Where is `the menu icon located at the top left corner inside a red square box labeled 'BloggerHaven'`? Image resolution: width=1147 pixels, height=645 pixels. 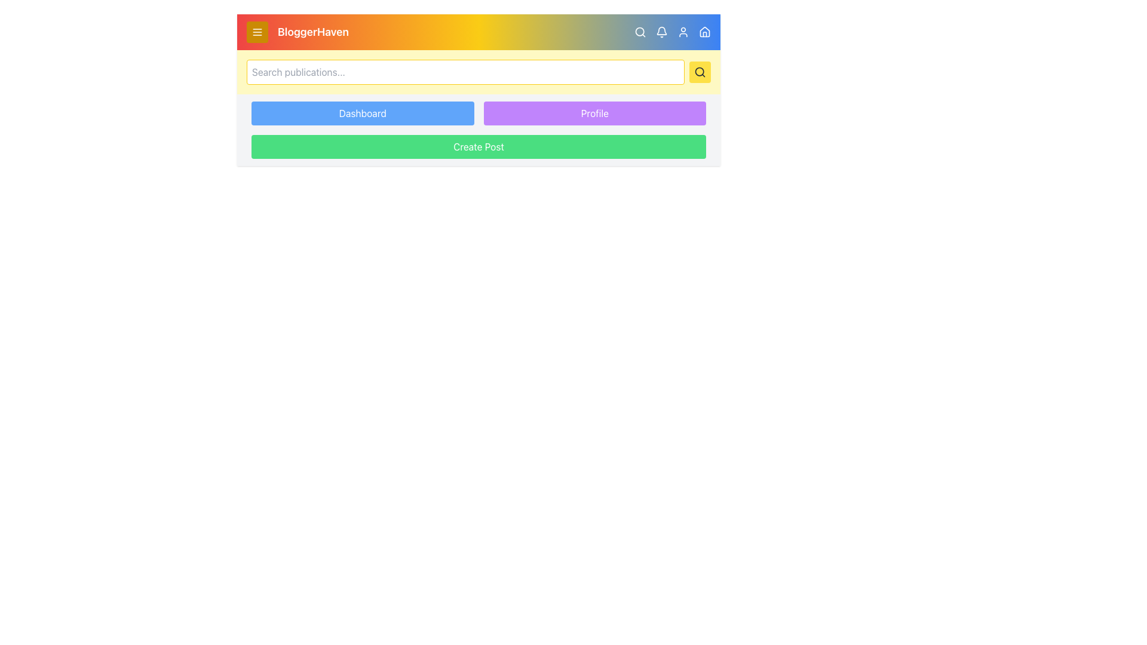
the menu icon located at the top left corner inside a red square box labeled 'BloggerHaven' is located at coordinates (257, 32).